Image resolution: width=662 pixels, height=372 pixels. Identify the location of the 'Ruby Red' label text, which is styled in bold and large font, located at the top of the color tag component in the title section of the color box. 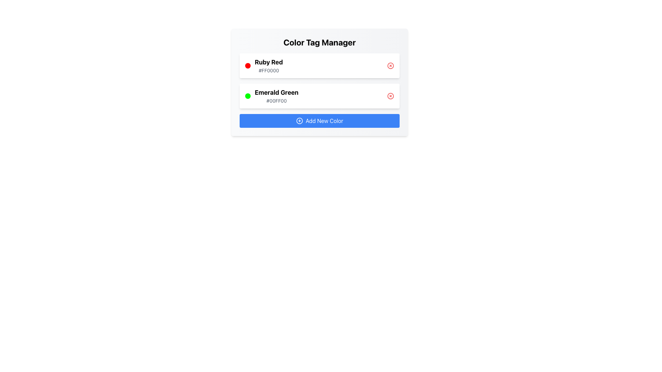
(268, 62).